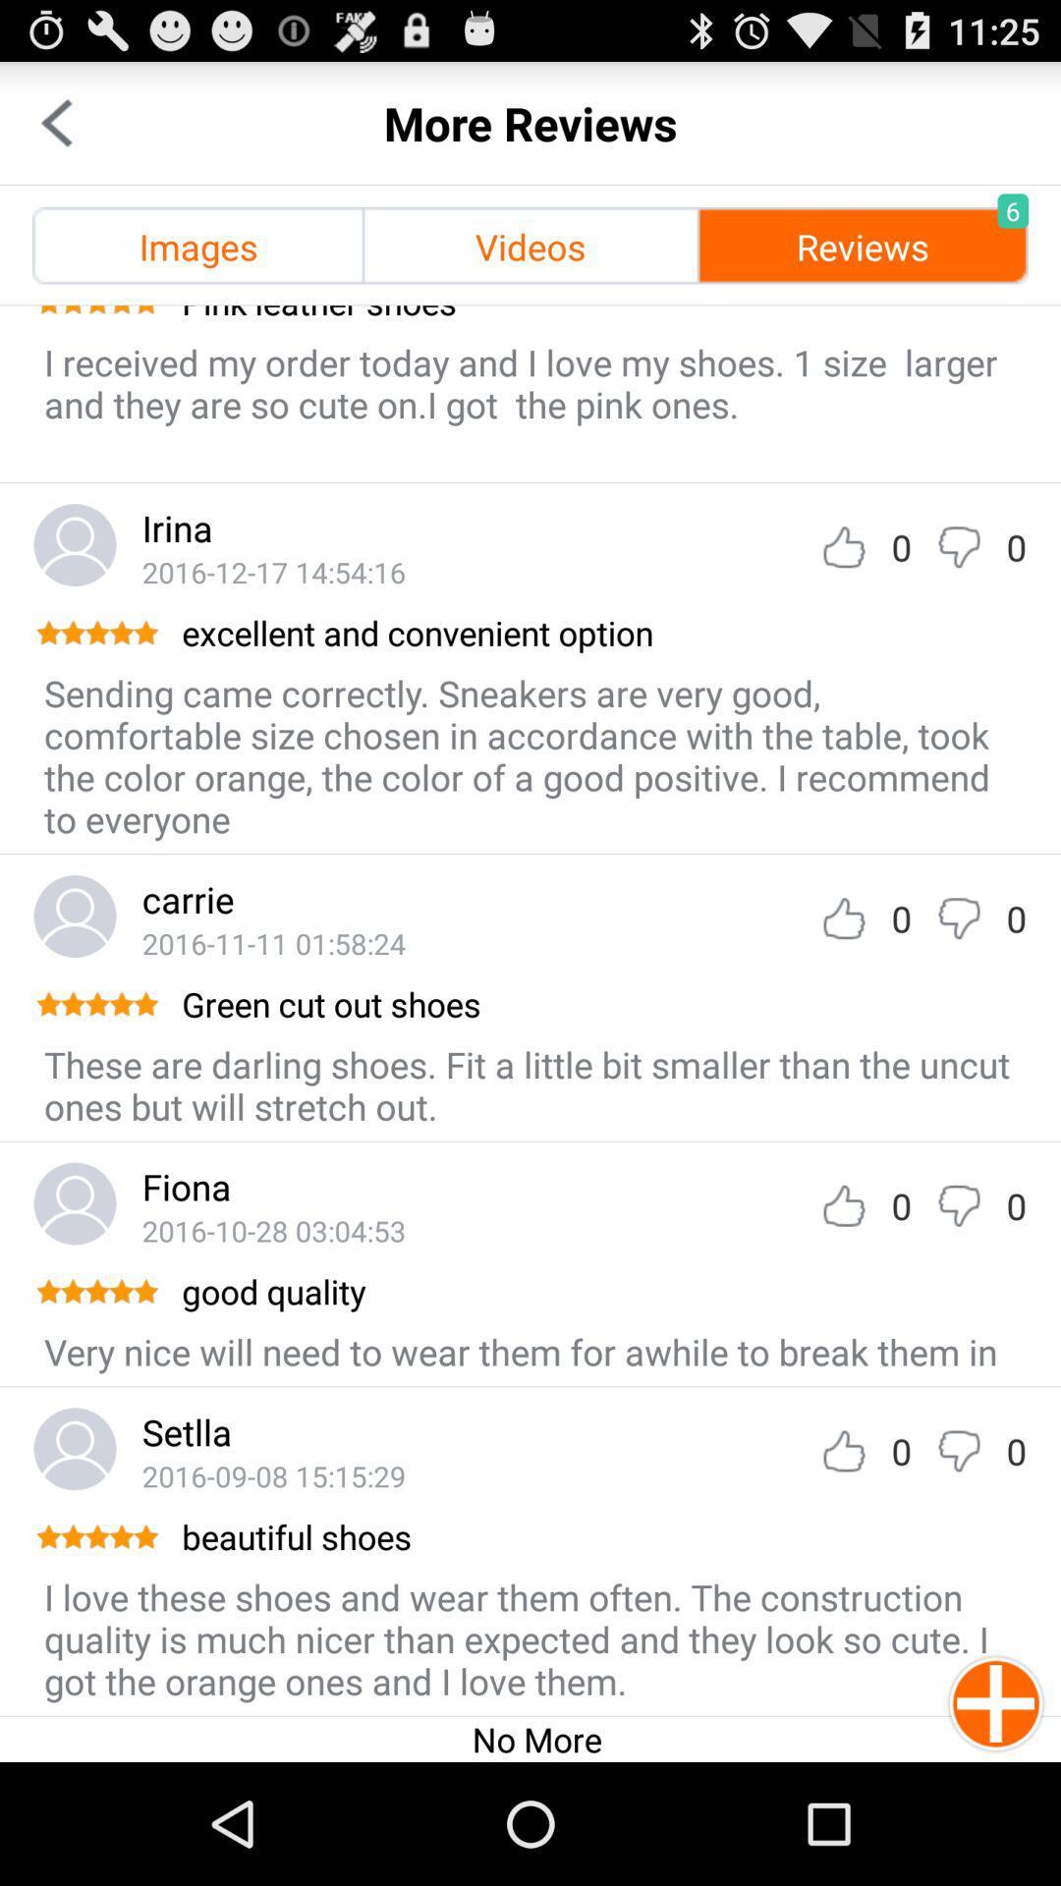  Describe the element at coordinates (958, 547) in the screenshot. I see `dislikes the review` at that location.